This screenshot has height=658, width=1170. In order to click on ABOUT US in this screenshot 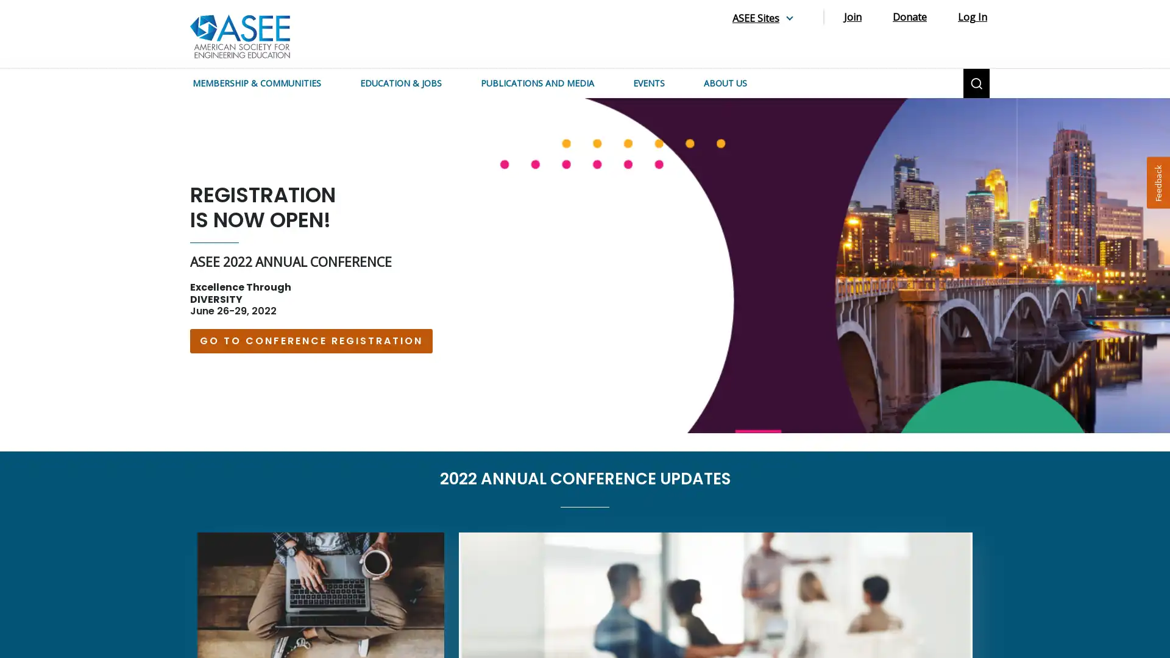, I will do `click(734, 83)`.